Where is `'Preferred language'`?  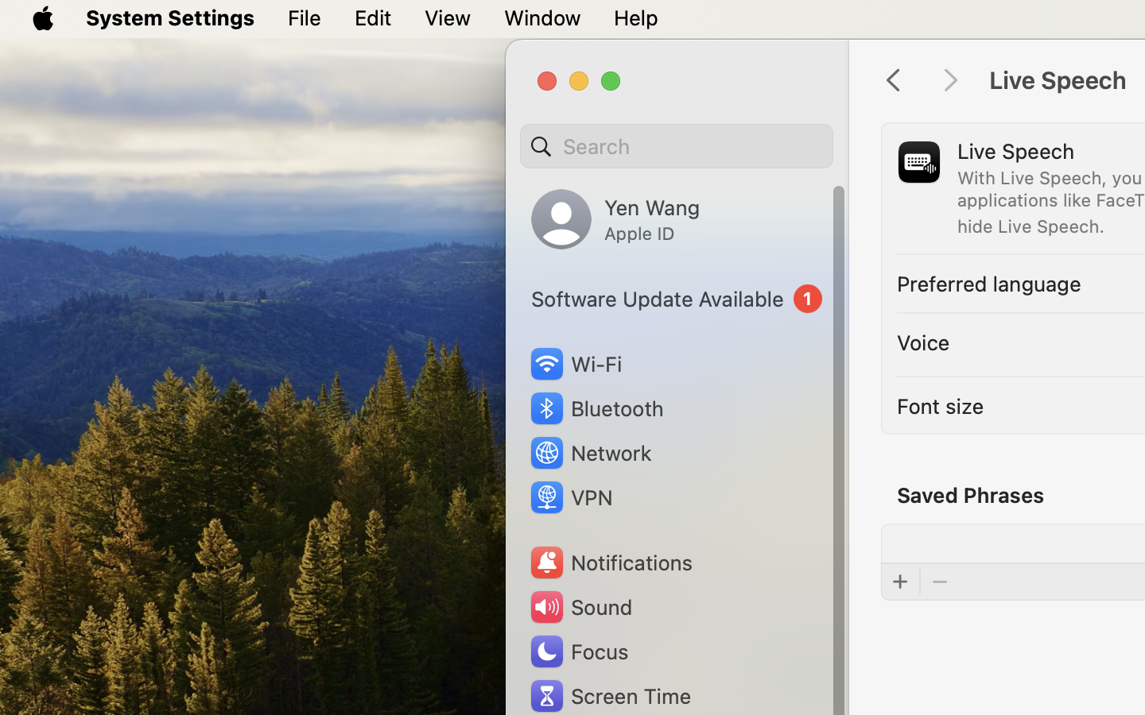
'Preferred language' is located at coordinates (988, 283).